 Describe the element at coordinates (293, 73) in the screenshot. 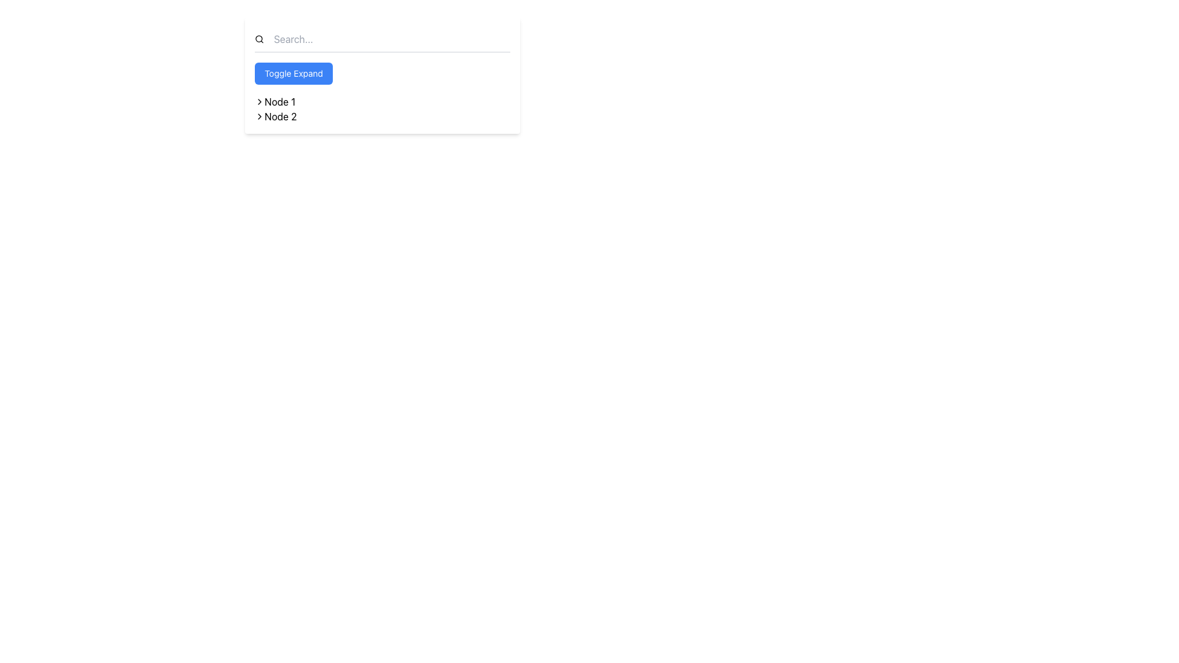

I see `the 'Toggle Expand' button, which has a blue background and white text, located at the top-left region of a section near a search bar` at that location.